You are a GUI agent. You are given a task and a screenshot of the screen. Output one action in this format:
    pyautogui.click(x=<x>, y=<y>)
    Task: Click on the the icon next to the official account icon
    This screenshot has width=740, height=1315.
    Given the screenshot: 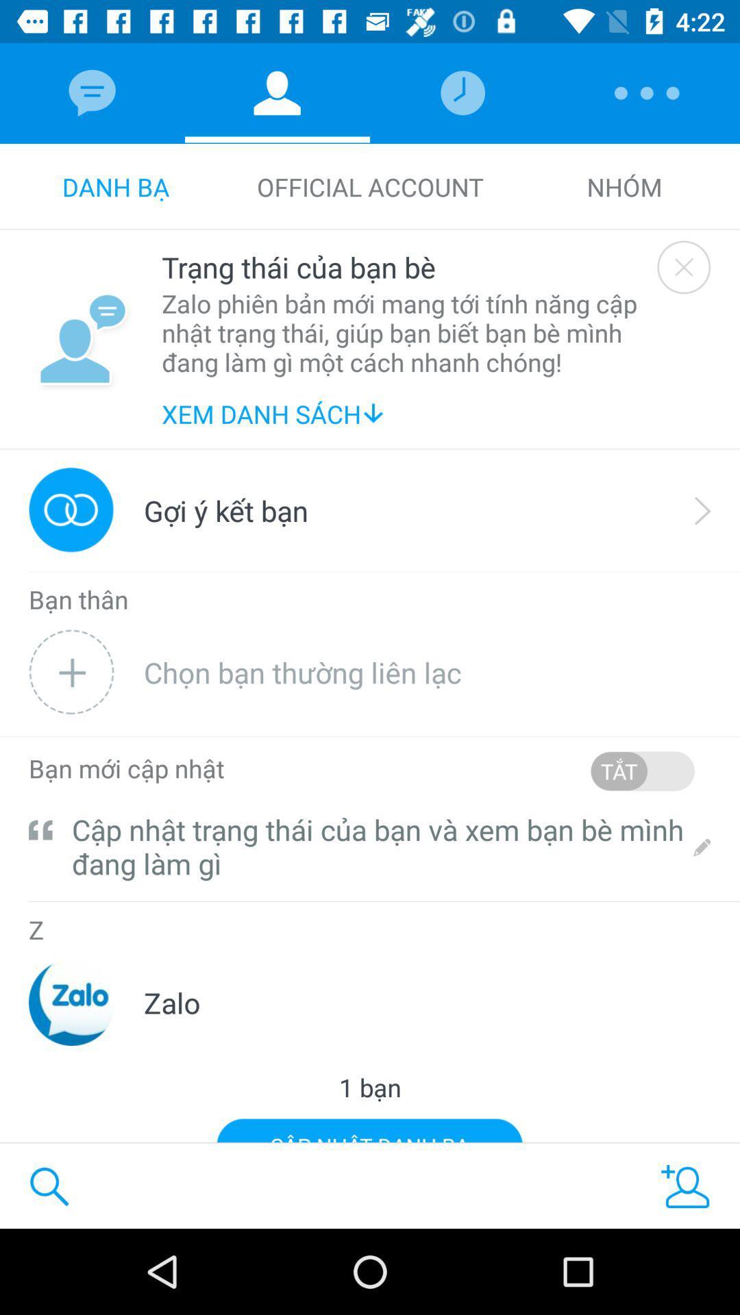 What is the action you would take?
    pyautogui.click(x=624, y=186)
    